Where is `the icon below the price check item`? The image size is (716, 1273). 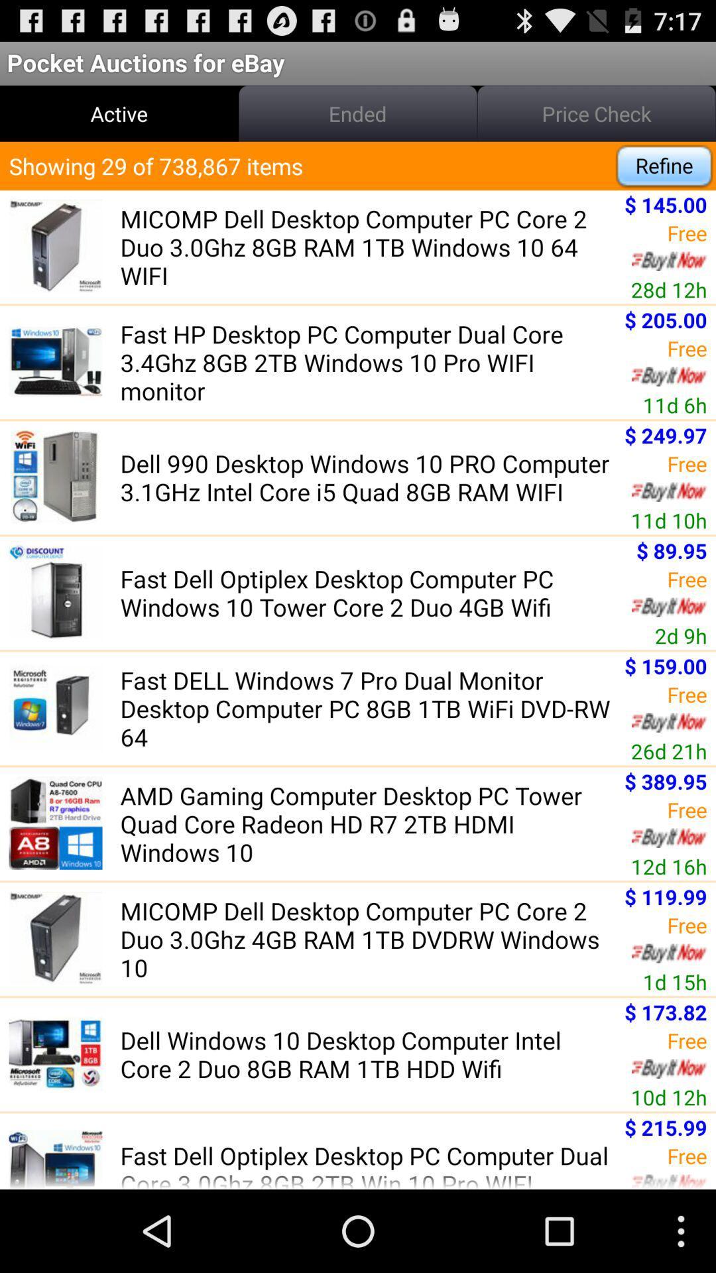 the icon below the price check item is located at coordinates (664, 165).